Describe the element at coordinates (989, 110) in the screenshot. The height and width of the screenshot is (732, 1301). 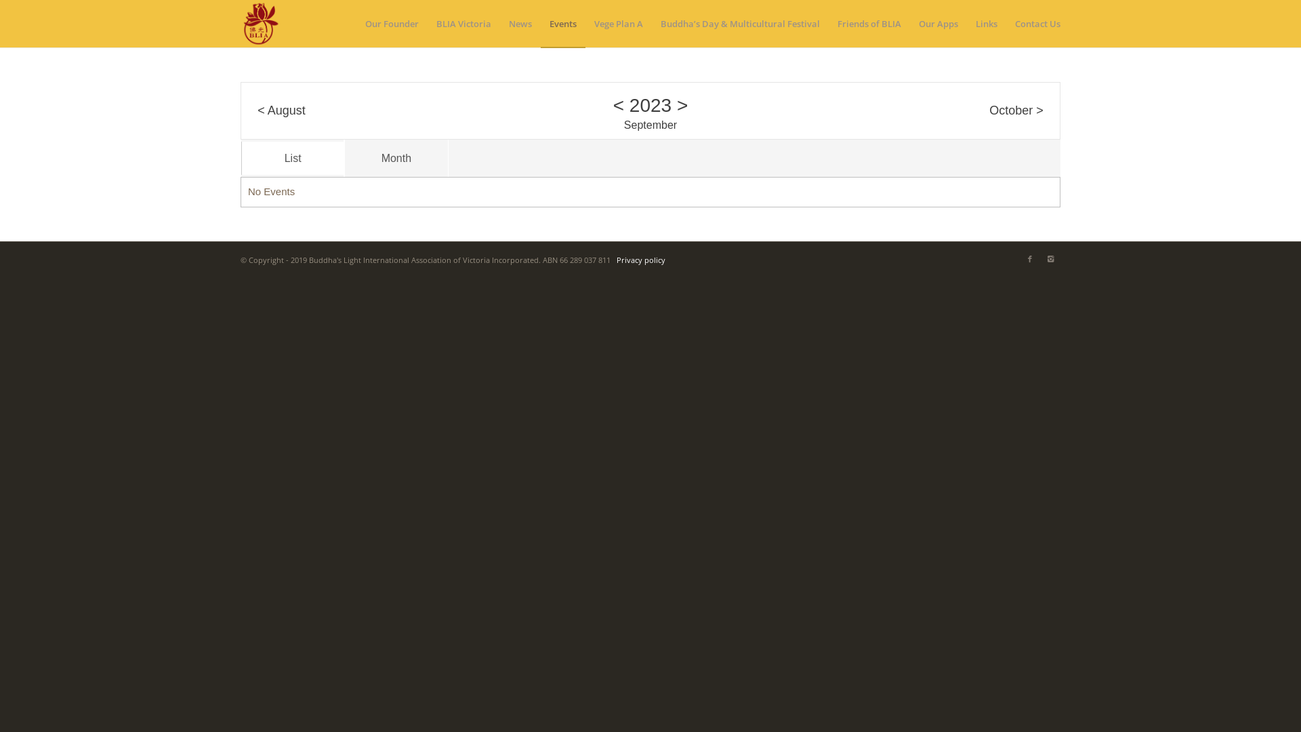
I see `'October >'` at that location.